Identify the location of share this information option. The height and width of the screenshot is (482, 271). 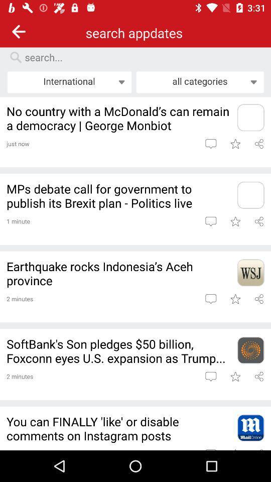
(259, 221).